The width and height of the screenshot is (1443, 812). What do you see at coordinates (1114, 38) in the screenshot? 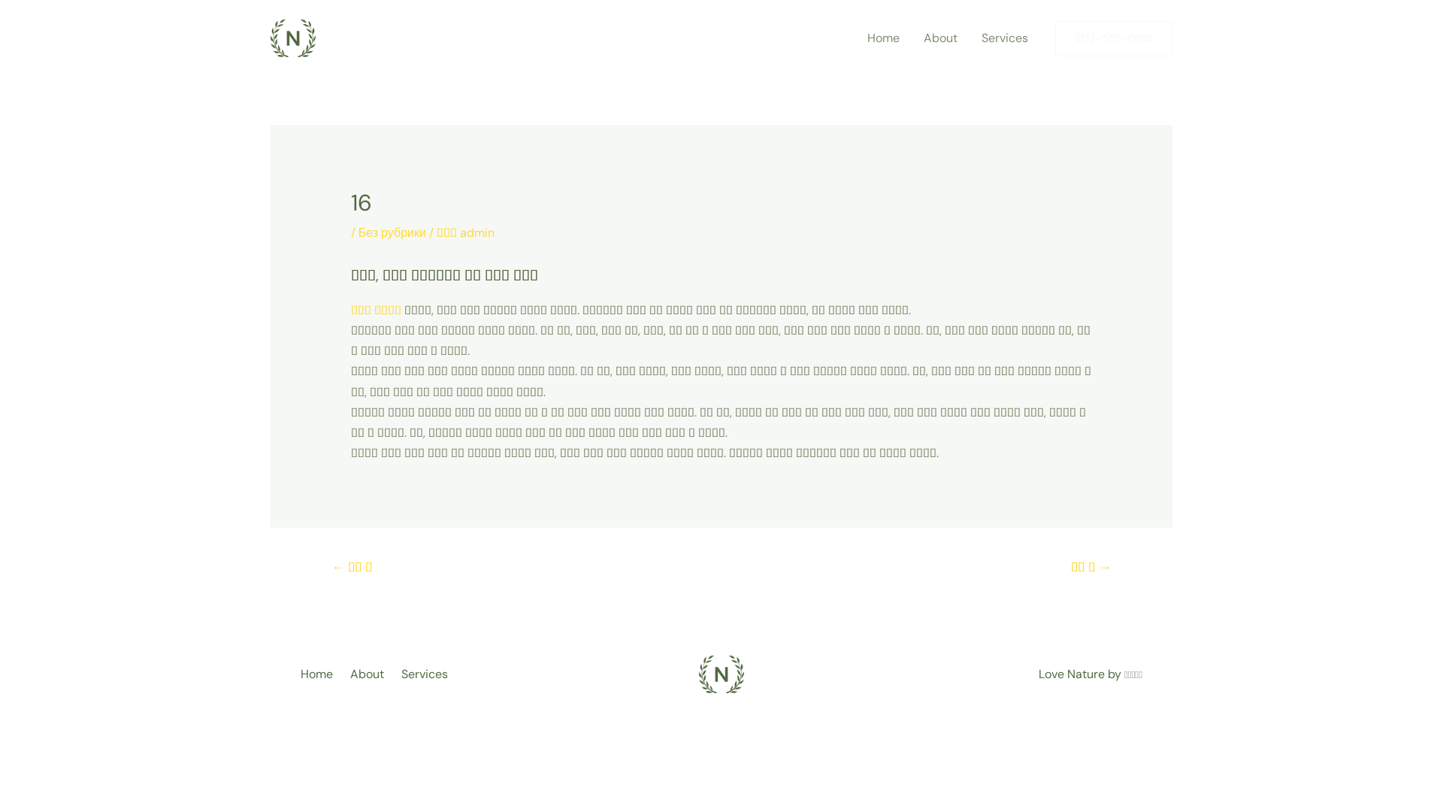
I see `'202-555-0188'` at bounding box center [1114, 38].